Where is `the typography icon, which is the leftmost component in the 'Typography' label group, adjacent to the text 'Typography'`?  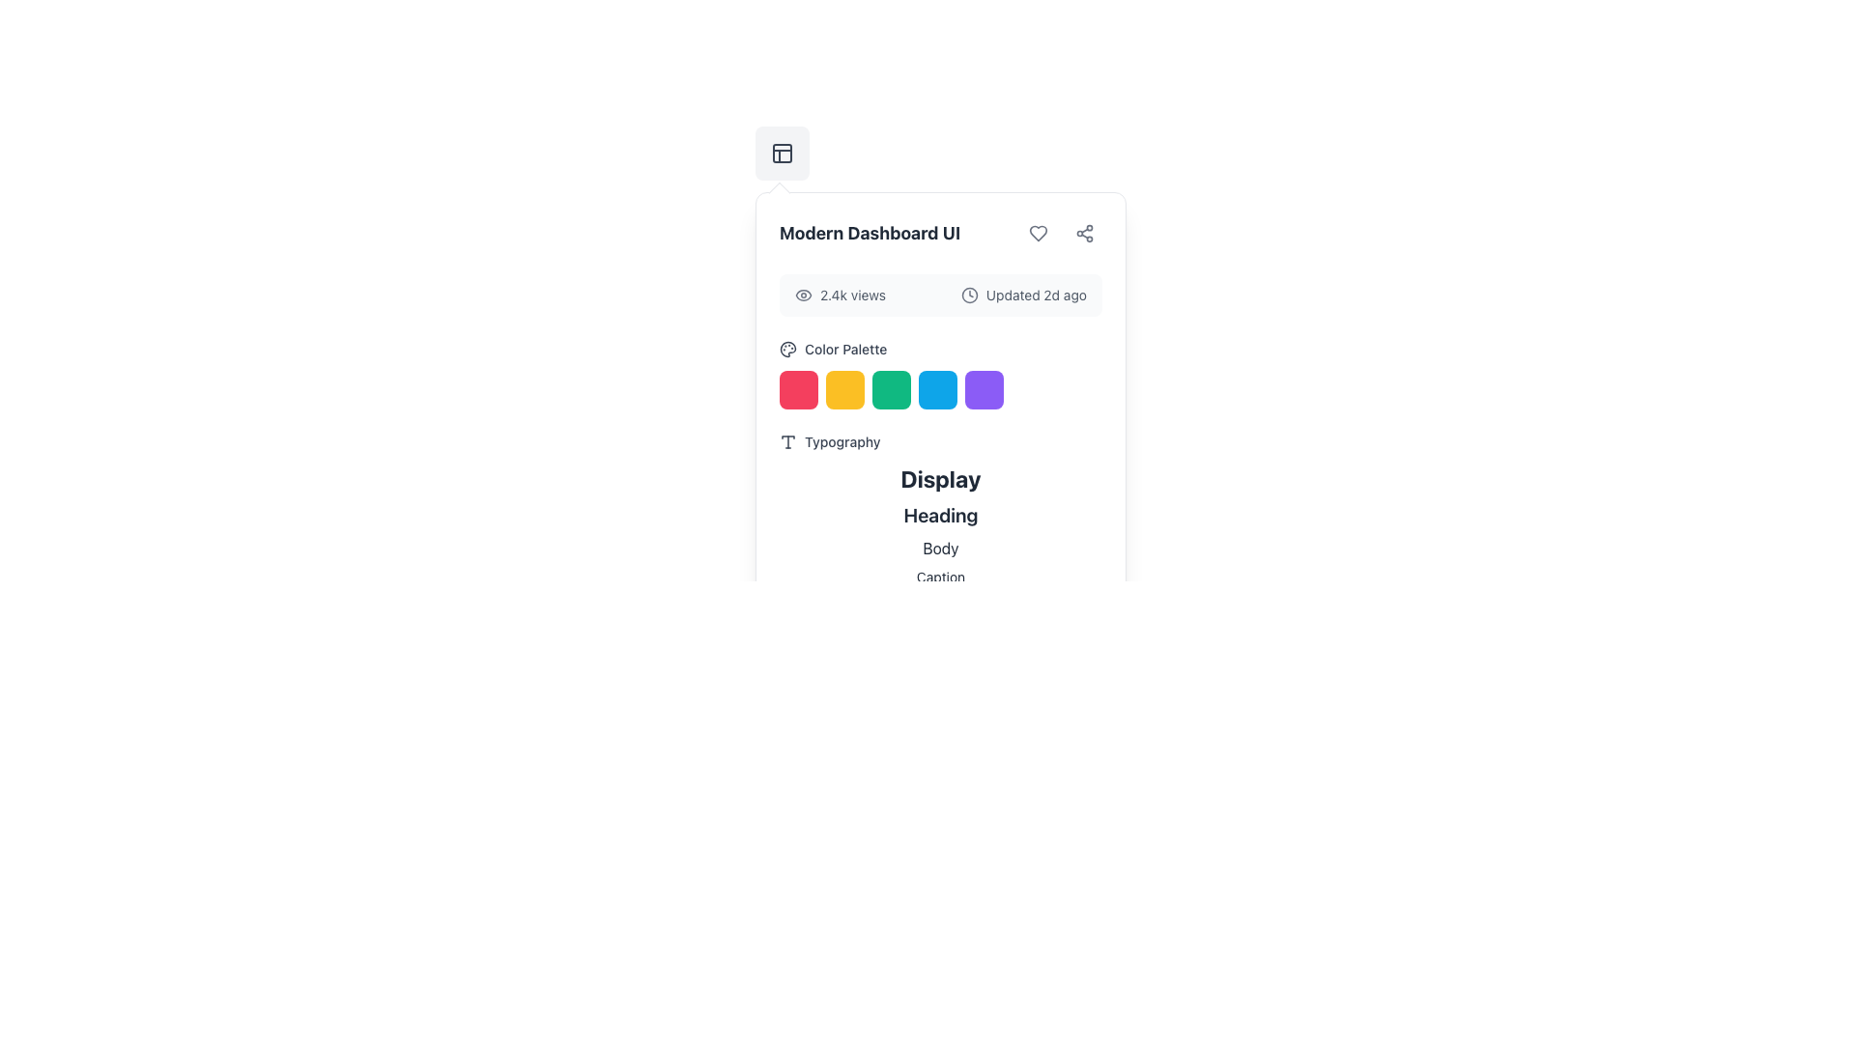
the typography icon, which is the leftmost component in the 'Typography' label group, adjacent to the text 'Typography' is located at coordinates (788, 442).